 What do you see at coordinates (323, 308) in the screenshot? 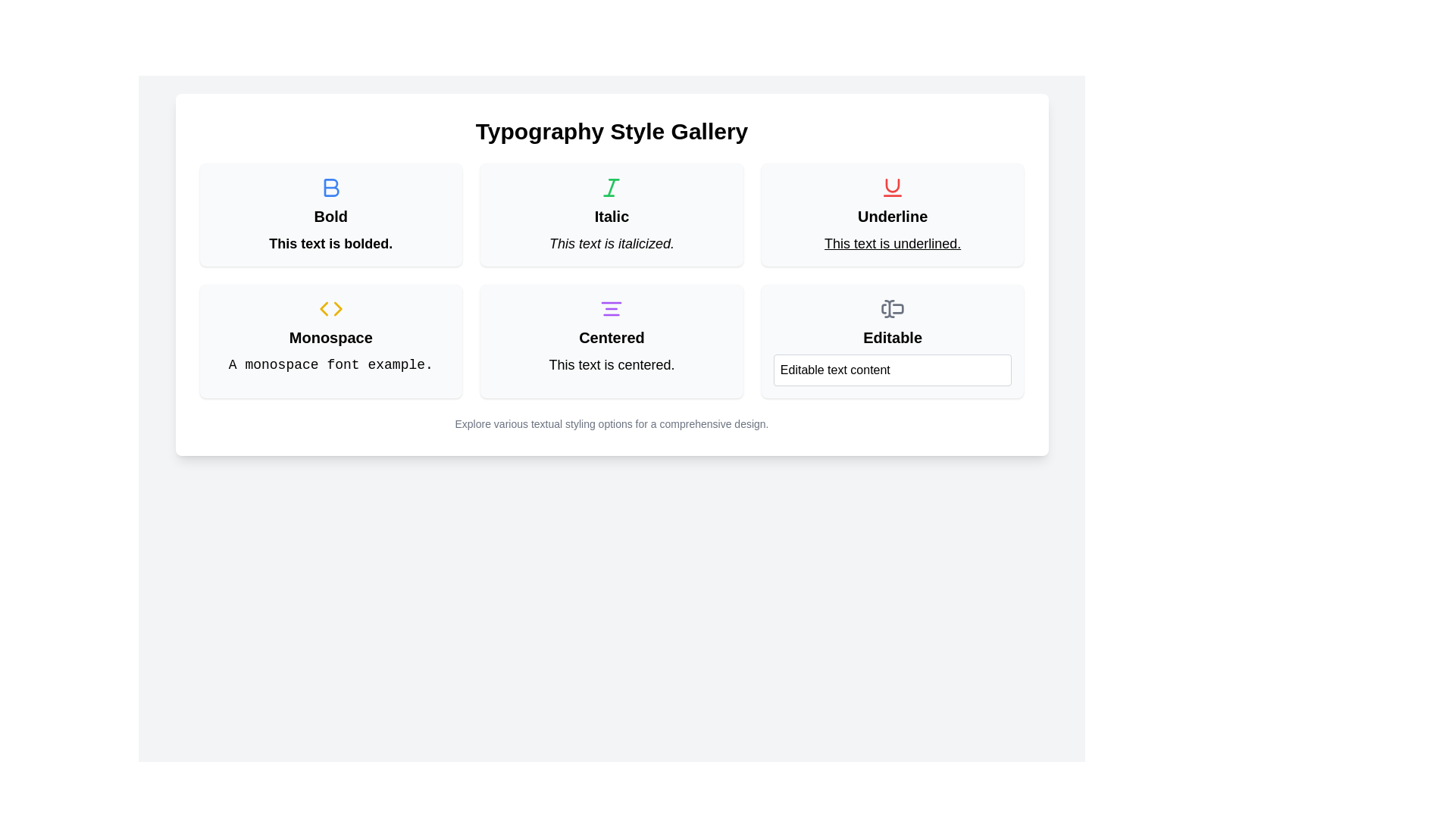
I see `the left triangle of the paired chevron icon located in the top-left corner of the 'Monospace' box` at bounding box center [323, 308].